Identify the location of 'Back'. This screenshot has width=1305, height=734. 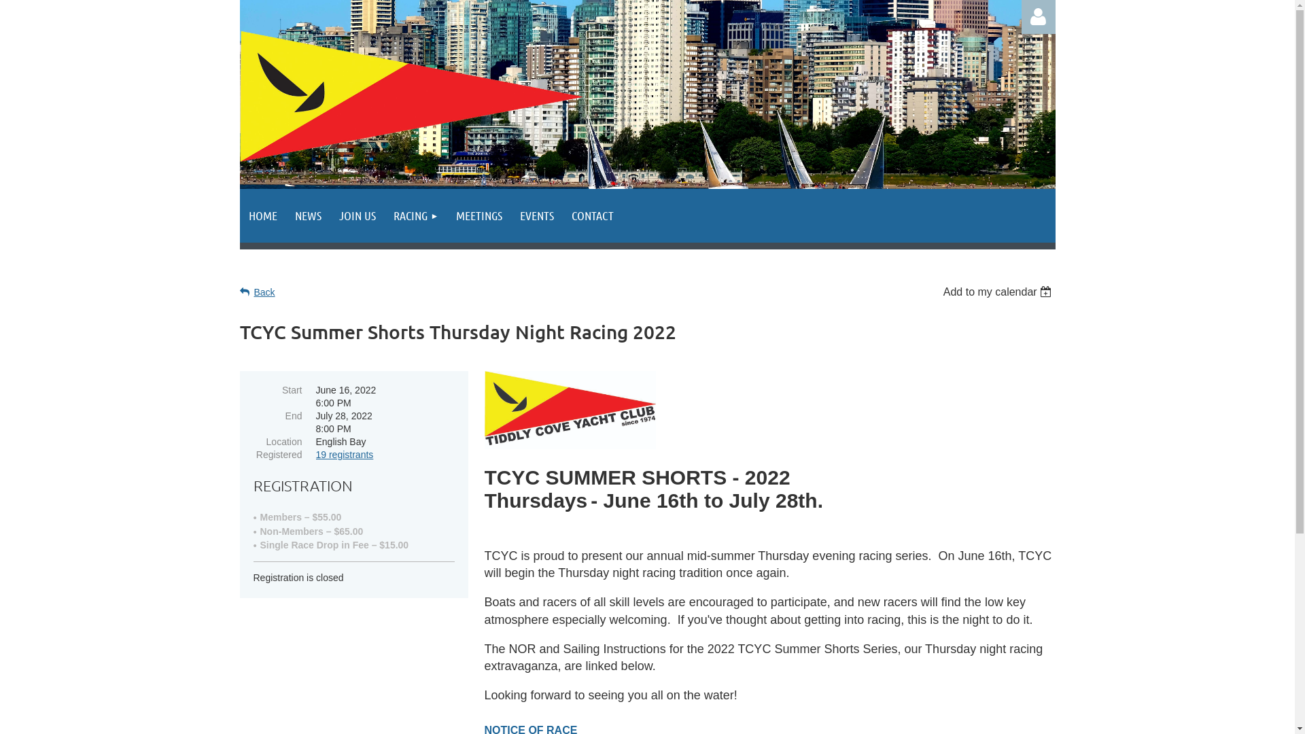
(257, 291).